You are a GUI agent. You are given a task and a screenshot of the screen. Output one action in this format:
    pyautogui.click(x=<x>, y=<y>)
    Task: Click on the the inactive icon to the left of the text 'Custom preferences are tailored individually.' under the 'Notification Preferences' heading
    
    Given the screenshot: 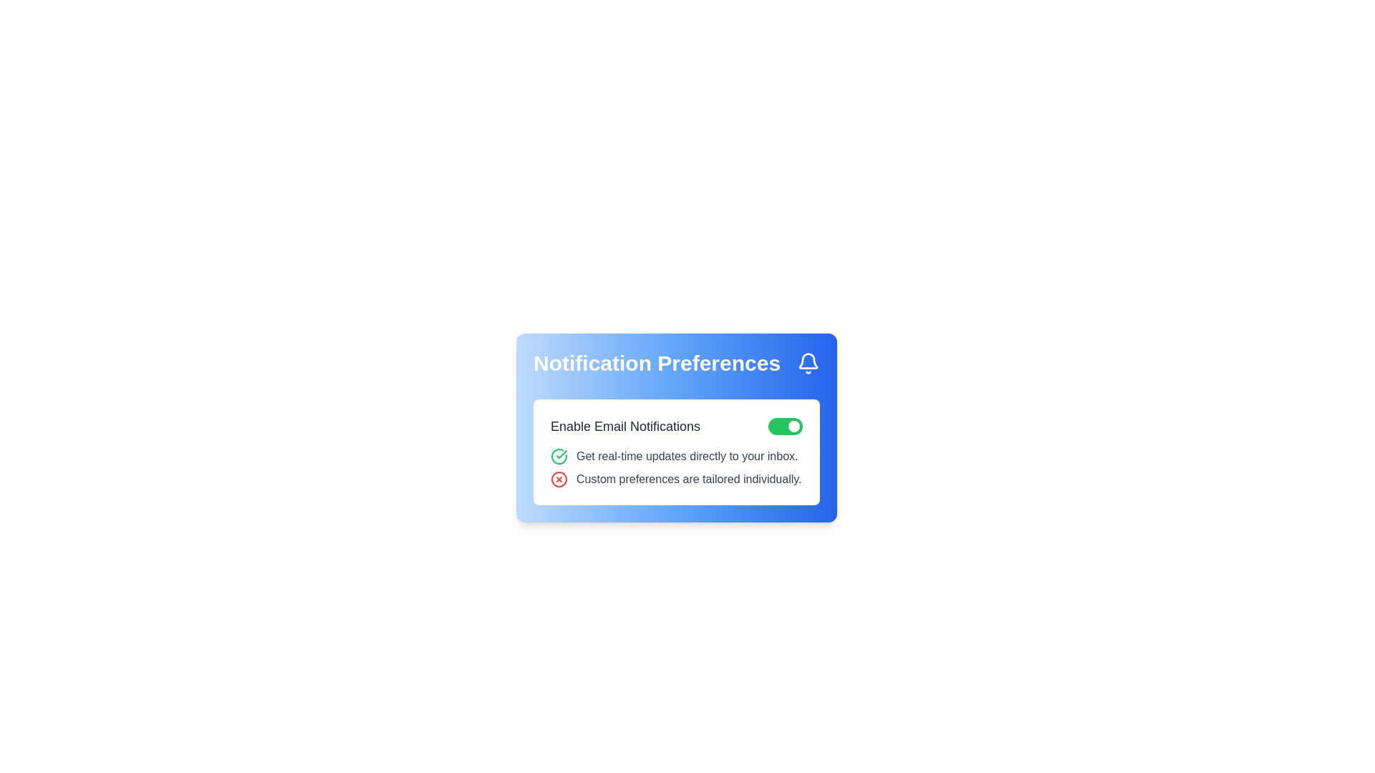 What is the action you would take?
    pyautogui.click(x=559, y=480)
    